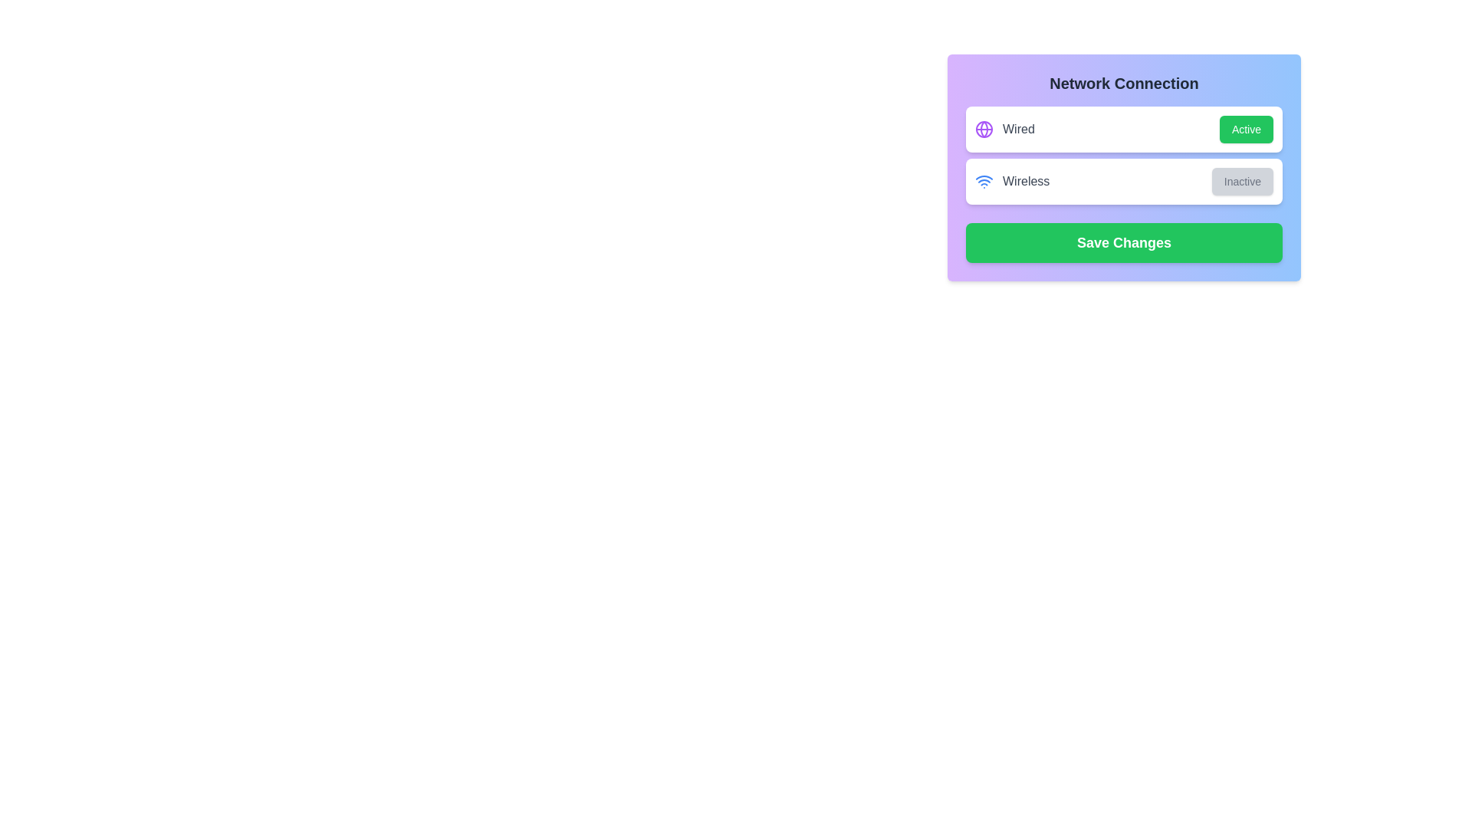 The width and height of the screenshot is (1472, 828). I want to click on the 'Active' button for the Wired connection to toggle its state, so click(1246, 129).